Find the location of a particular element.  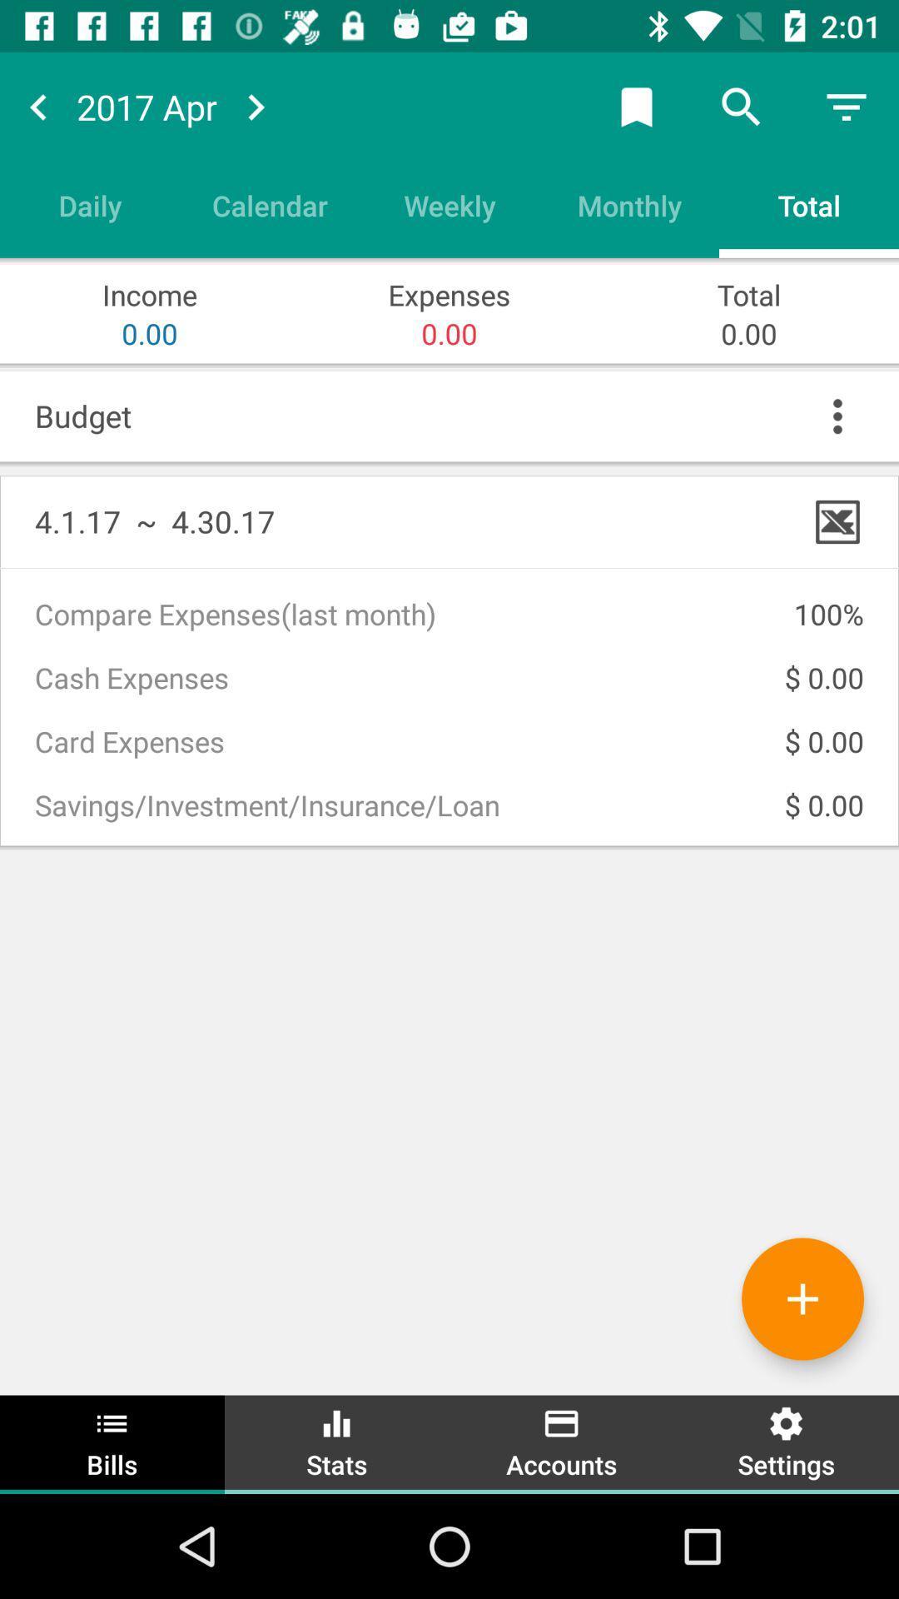

the icon next to daily icon is located at coordinates (269, 204).